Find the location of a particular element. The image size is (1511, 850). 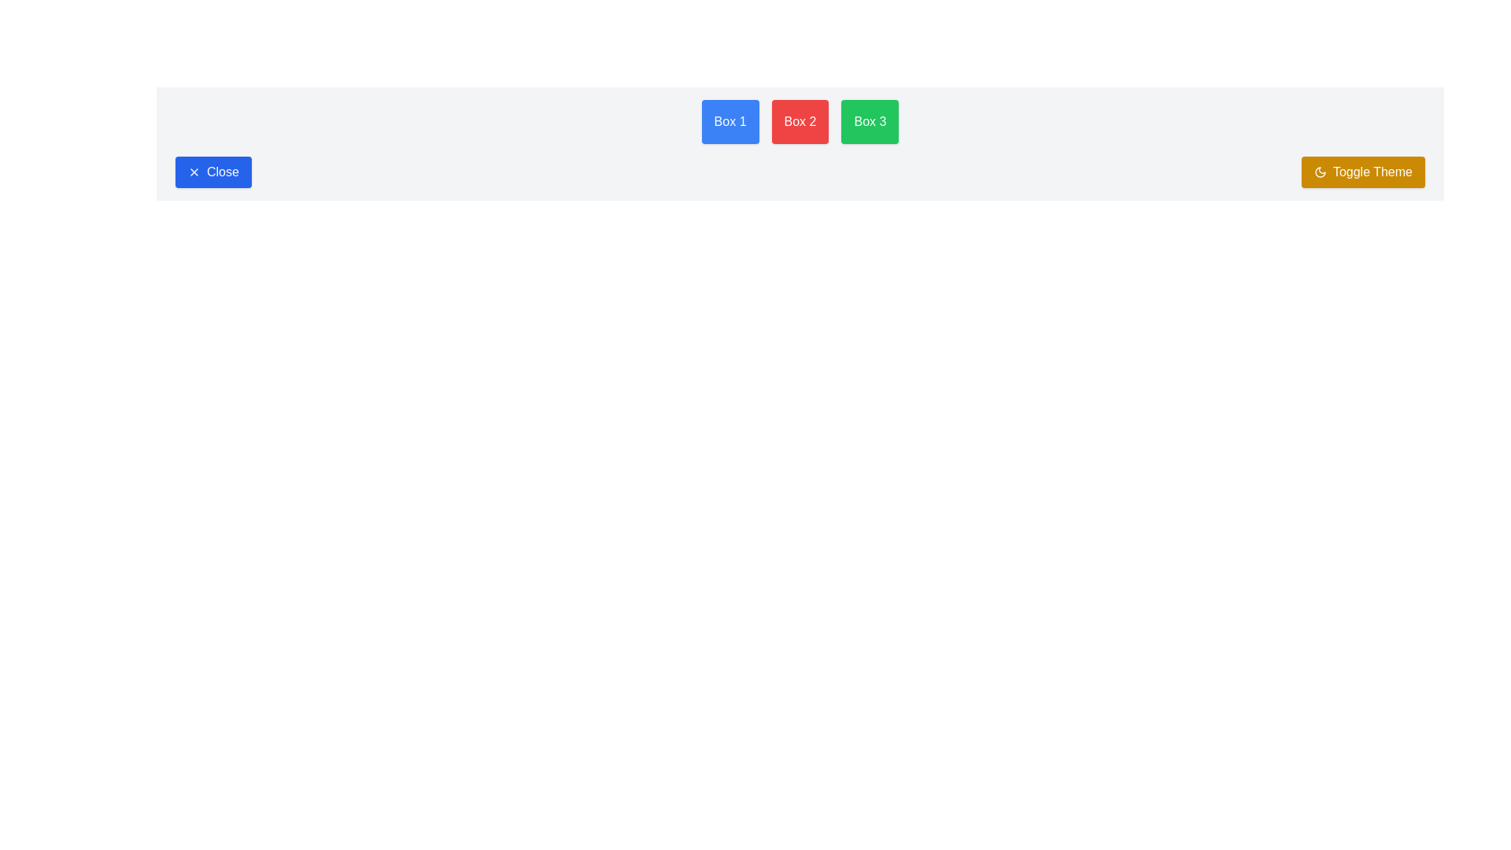

the rectangular button labeled 'Box 1', which has a blue background and white text, located to the left of 'Box 2' and 'Box 3' is located at coordinates (730, 120).